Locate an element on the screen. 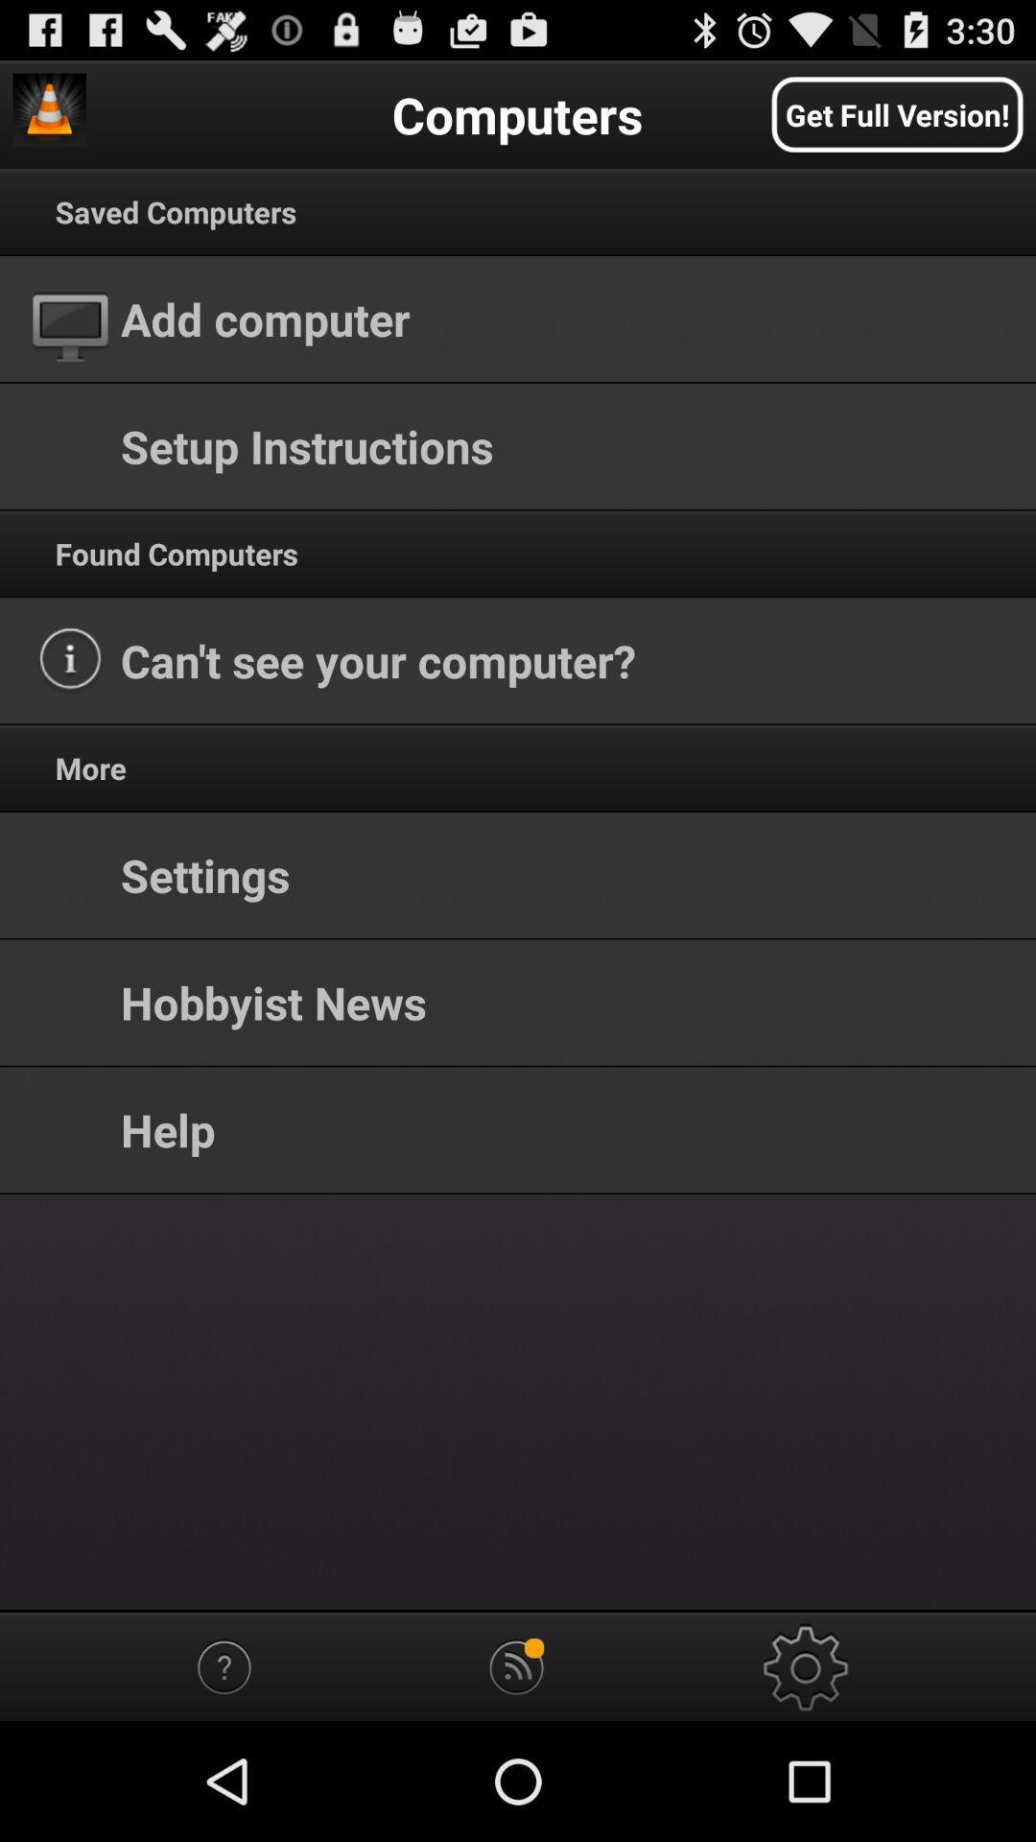 The width and height of the screenshot is (1036, 1842). the help icon is located at coordinates (226, 1783).